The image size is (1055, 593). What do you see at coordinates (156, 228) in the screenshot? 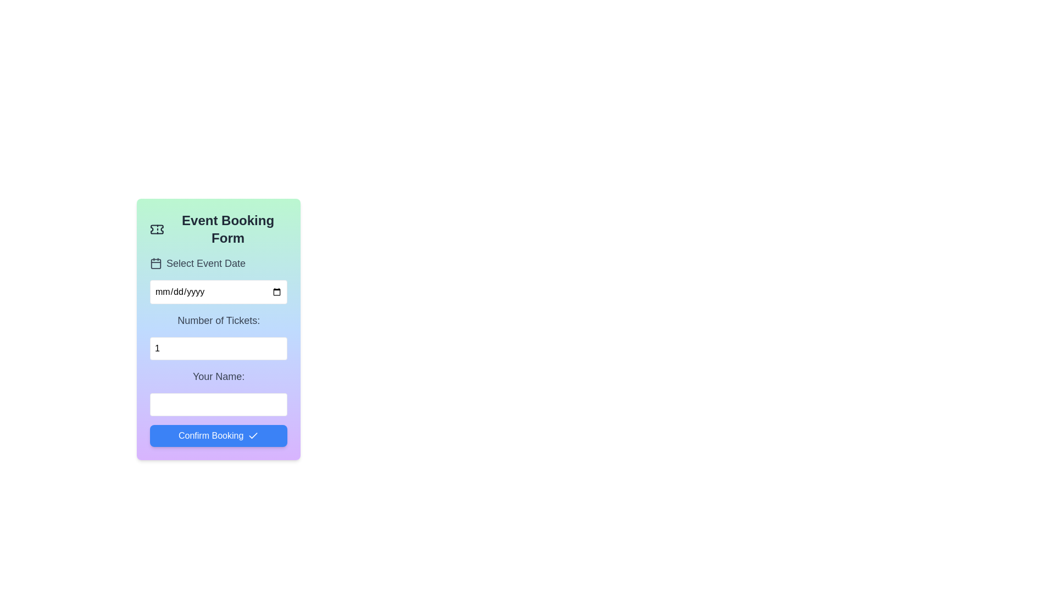
I see `the stylized ticket icon located to the left of the 'Event Booking Form' text for context or theme alignment` at bounding box center [156, 228].